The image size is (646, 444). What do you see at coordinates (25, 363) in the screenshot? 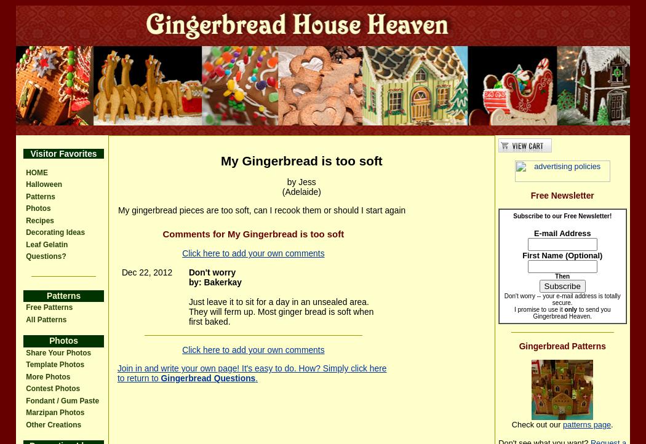
I see `'Template Photos'` at bounding box center [25, 363].